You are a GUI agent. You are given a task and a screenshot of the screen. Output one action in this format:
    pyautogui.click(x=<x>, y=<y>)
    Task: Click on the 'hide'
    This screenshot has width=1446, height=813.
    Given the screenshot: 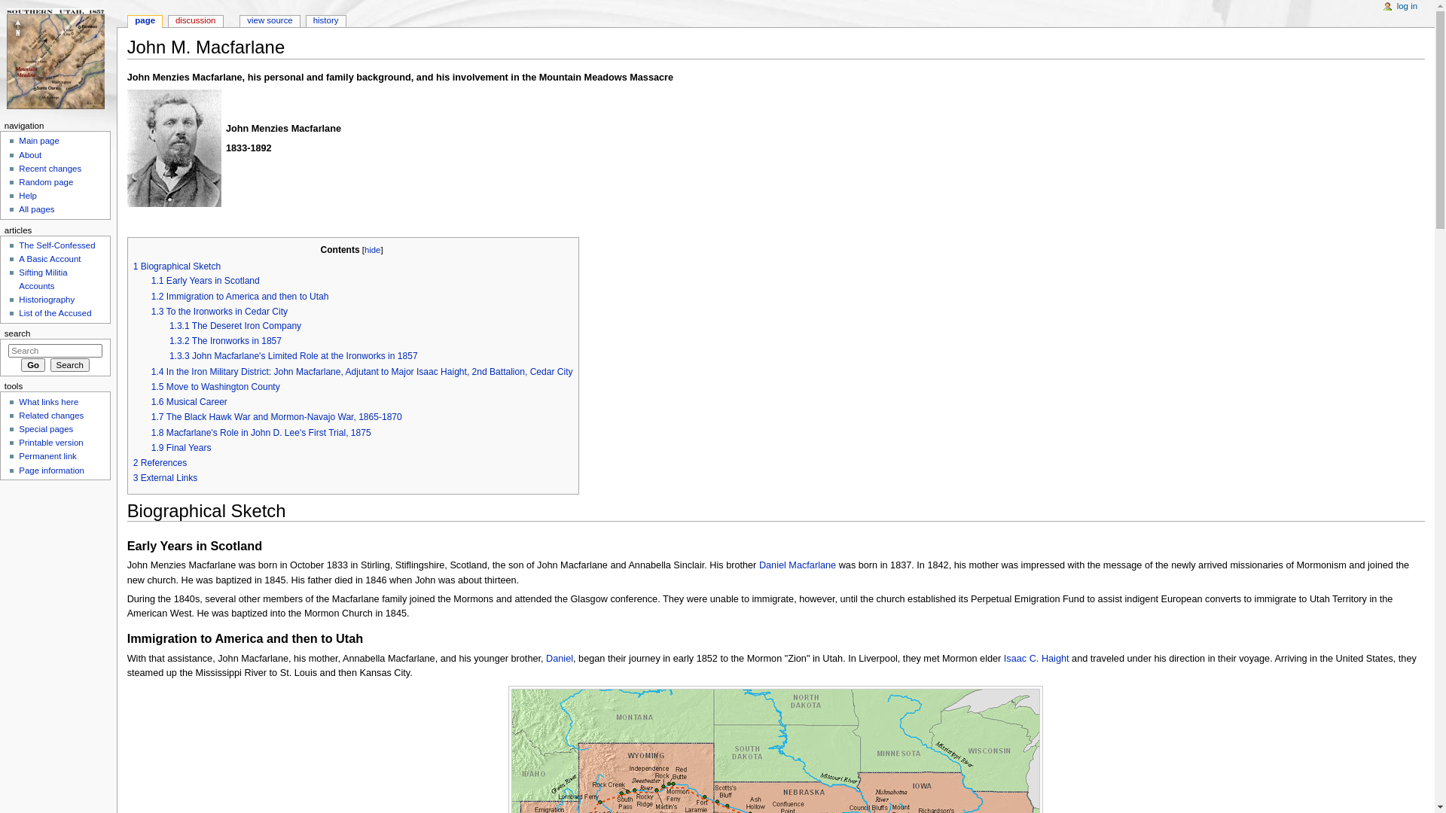 What is the action you would take?
    pyautogui.click(x=365, y=248)
    